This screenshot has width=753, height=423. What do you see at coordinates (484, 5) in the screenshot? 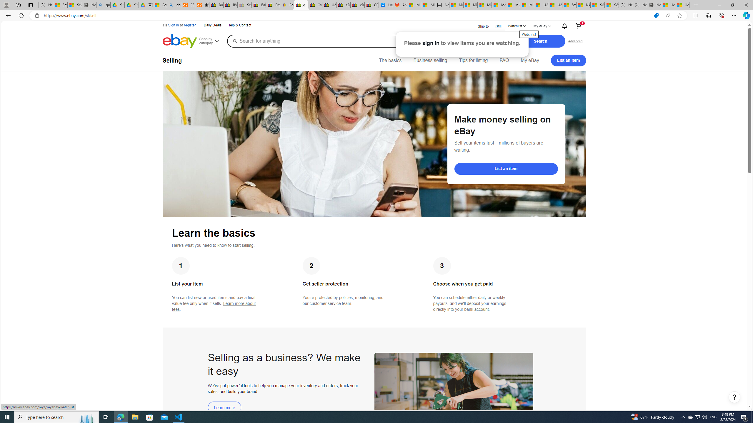
I see `'Microsoft account | Home'` at bounding box center [484, 5].